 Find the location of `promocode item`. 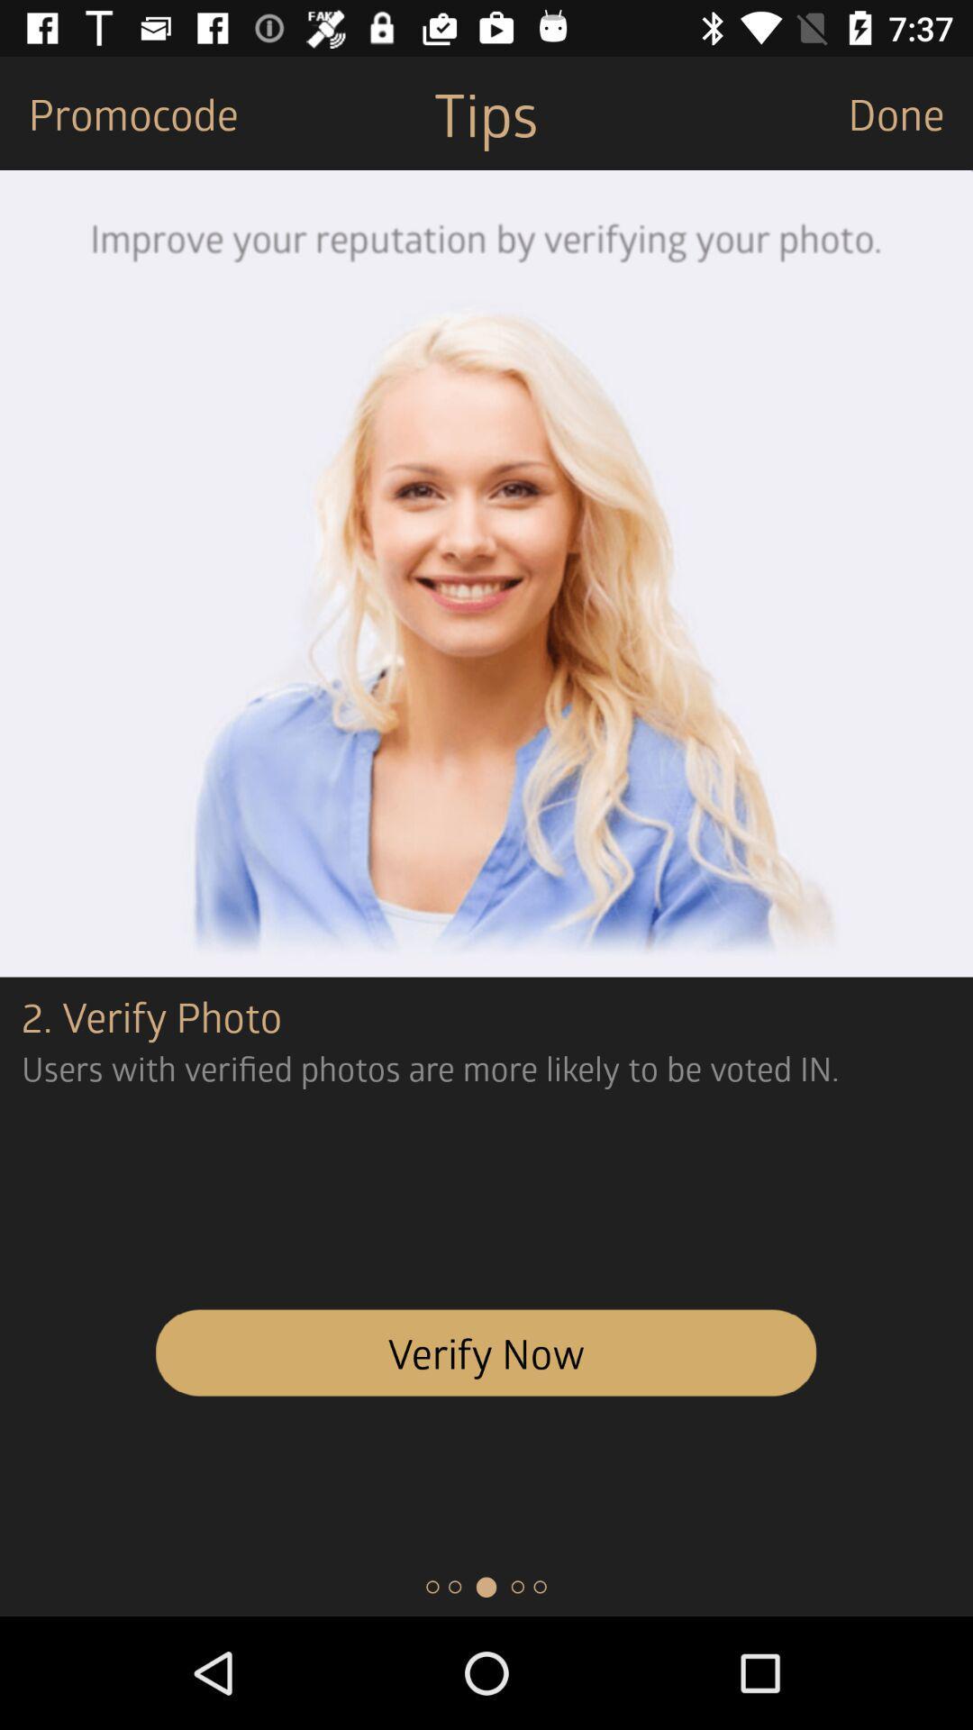

promocode item is located at coordinates (119, 112).